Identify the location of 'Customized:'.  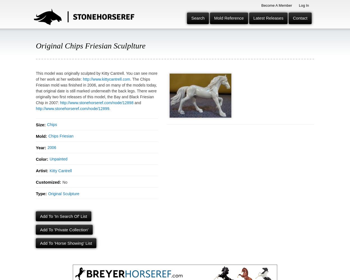
(48, 182).